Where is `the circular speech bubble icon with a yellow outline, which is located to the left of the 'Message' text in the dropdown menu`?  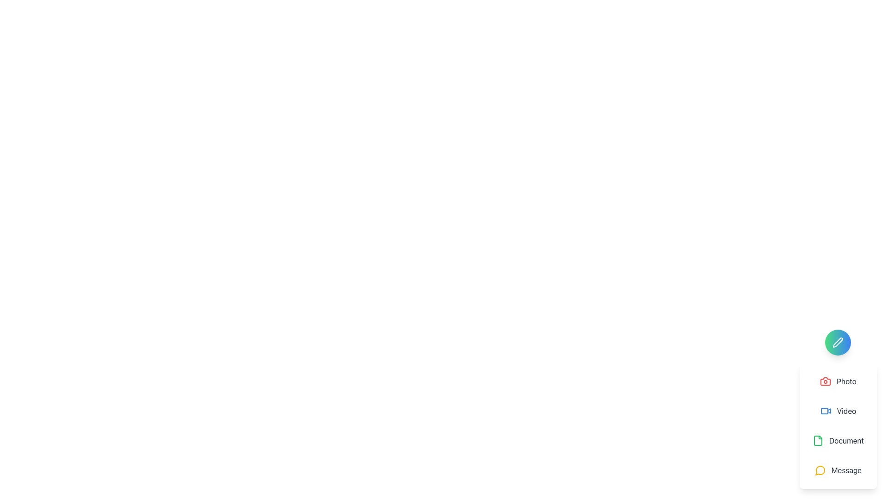 the circular speech bubble icon with a yellow outline, which is located to the left of the 'Message' text in the dropdown menu is located at coordinates (820, 470).